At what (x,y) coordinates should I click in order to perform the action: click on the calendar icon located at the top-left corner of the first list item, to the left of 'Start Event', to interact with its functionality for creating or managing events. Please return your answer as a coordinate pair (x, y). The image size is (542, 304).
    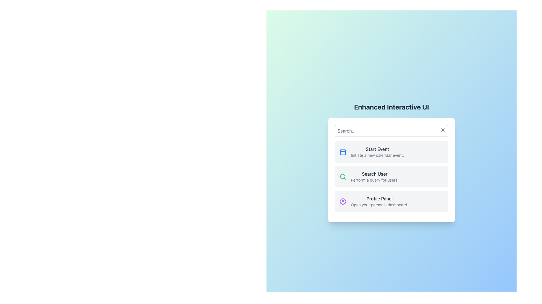
    Looking at the image, I should click on (342, 152).